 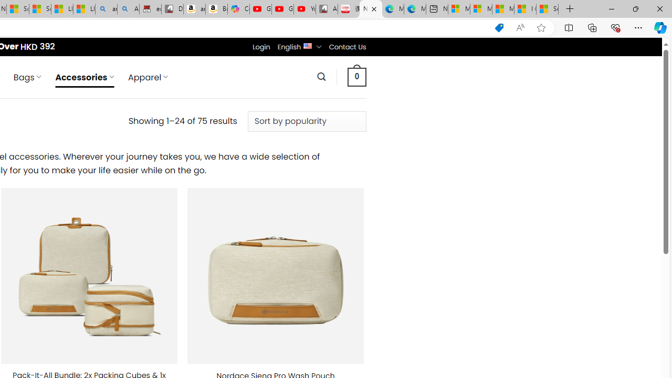 I want to click on 'This site has coupons! Shopping in Microsoft Edge', so click(x=499, y=27).